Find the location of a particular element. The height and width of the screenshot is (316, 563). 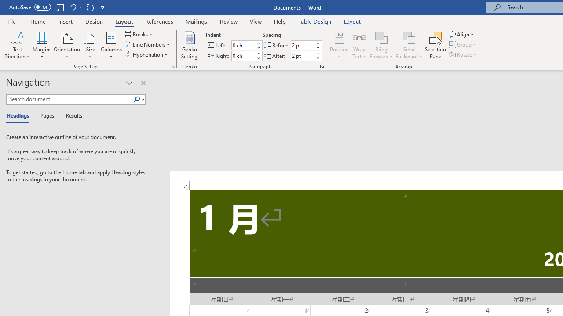

'Size' is located at coordinates (91, 45).